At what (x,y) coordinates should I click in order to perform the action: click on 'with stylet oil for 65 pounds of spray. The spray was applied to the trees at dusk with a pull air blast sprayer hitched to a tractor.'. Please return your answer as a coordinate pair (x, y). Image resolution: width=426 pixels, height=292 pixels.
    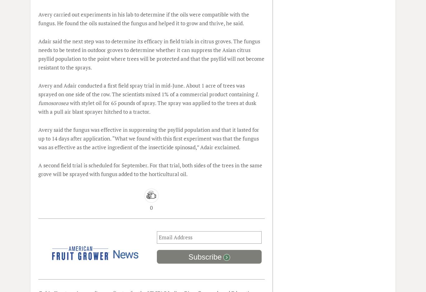
    Looking at the image, I should click on (147, 107).